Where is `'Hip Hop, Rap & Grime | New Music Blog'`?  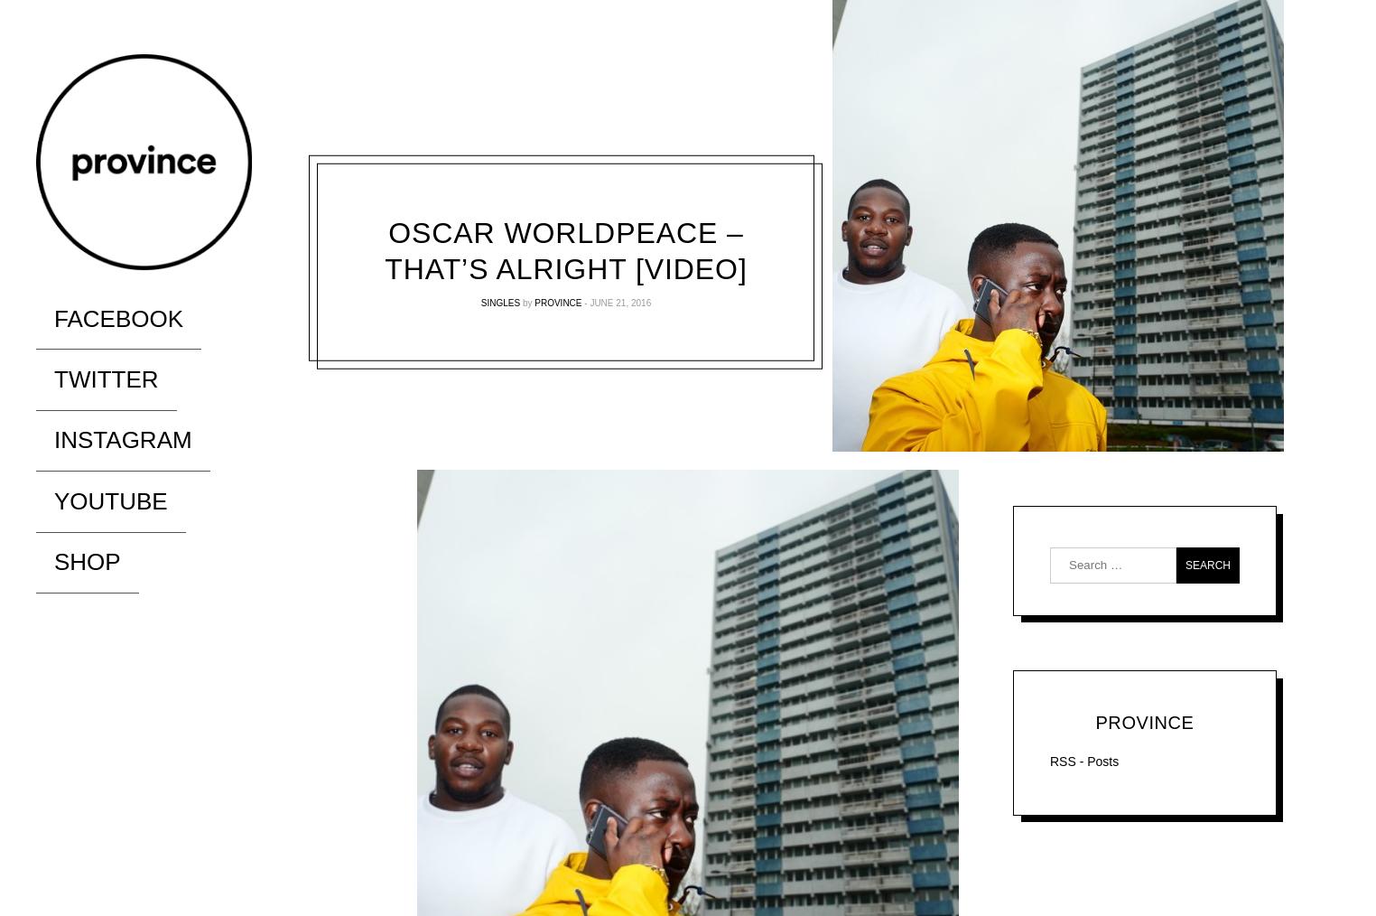 'Hip Hop, Rap & Grime | New Music Blog' is located at coordinates (164, 293).